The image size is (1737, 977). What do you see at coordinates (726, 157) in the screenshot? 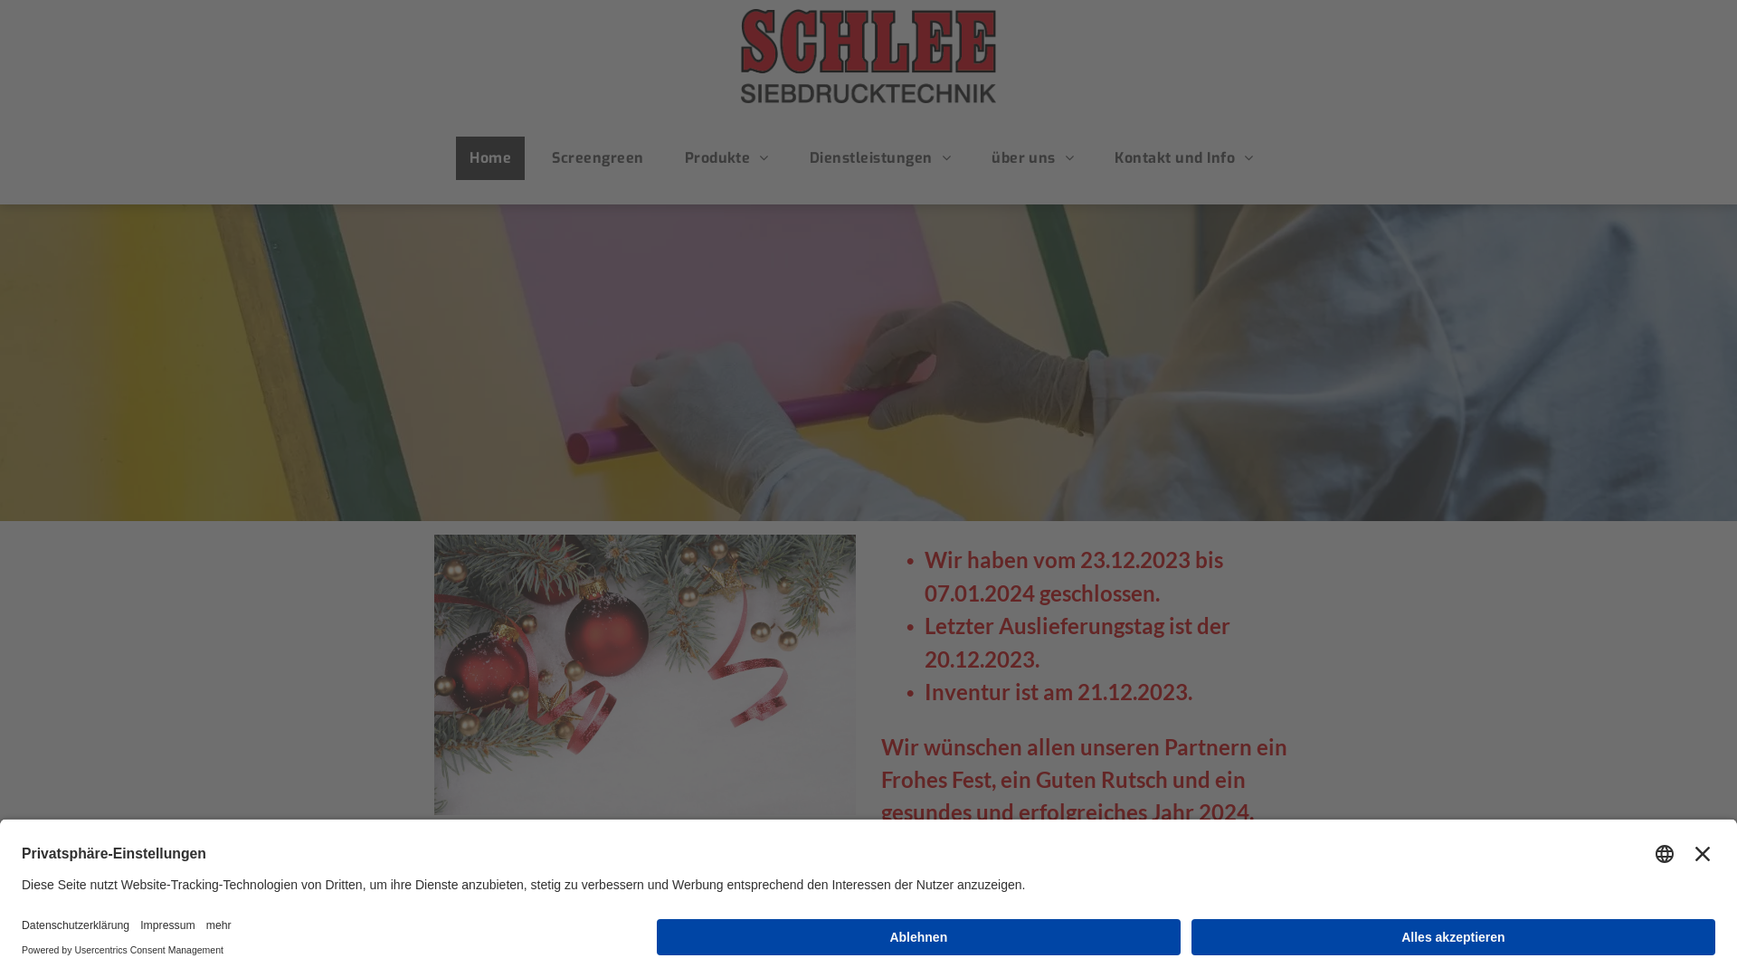
I see `'Produkte'` at bounding box center [726, 157].